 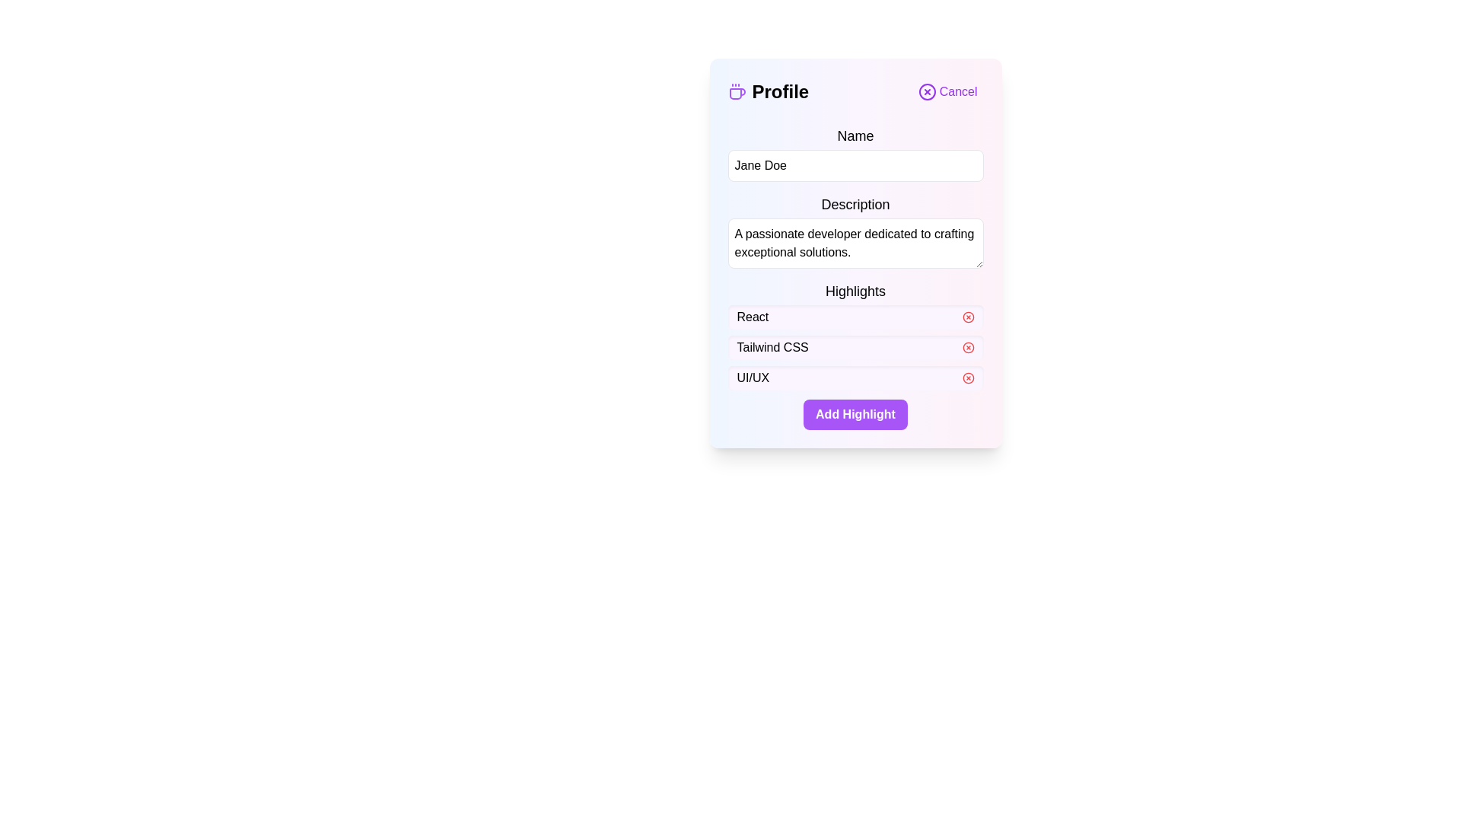 What do you see at coordinates (855, 243) in the screenshot?
I see `the multi-line text input field located below the 'Description' label to focus on it` at bounding box center [855, 243].